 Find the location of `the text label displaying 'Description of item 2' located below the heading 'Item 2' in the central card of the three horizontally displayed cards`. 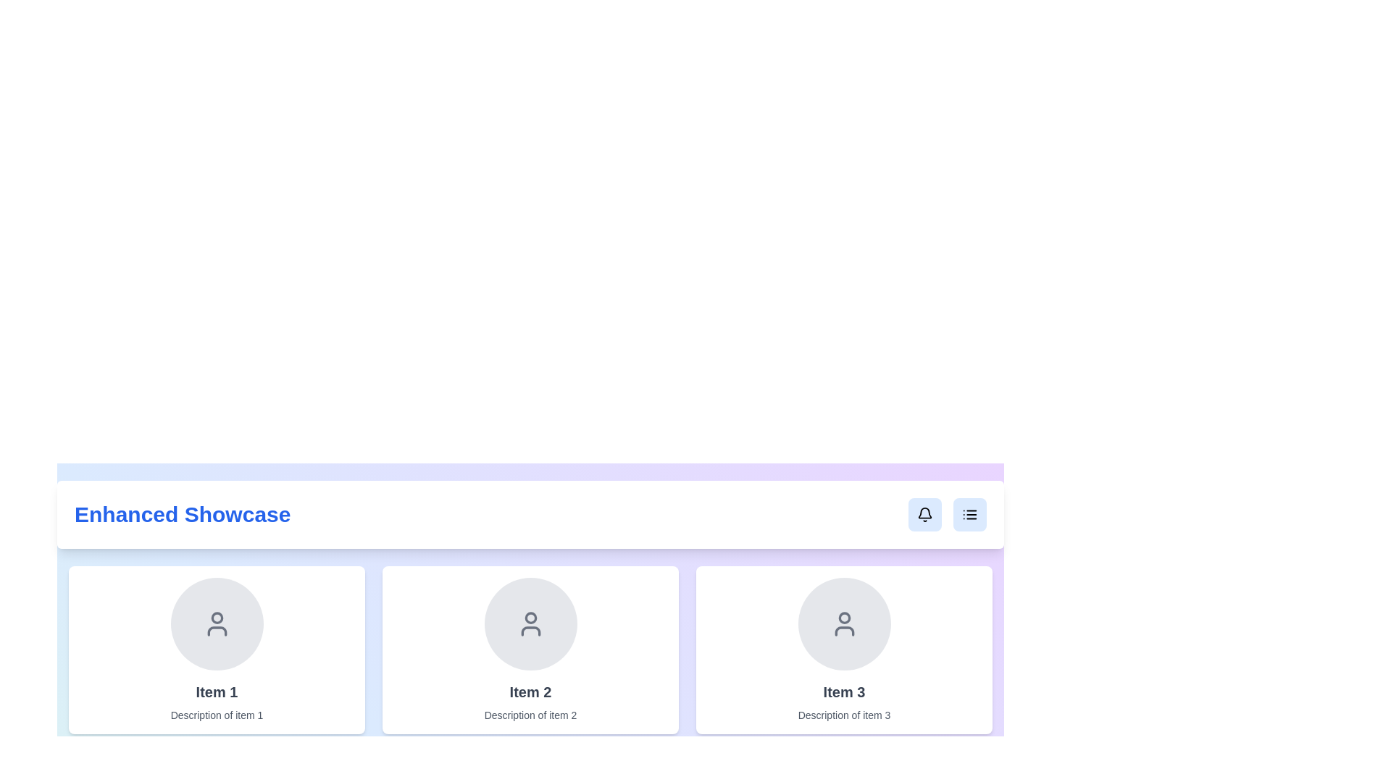

the text label displaying 'Description of item 2' located below the heading 'Item 2' in the central card of the three horizontally displayed cards is located at coordinates (530, 714).